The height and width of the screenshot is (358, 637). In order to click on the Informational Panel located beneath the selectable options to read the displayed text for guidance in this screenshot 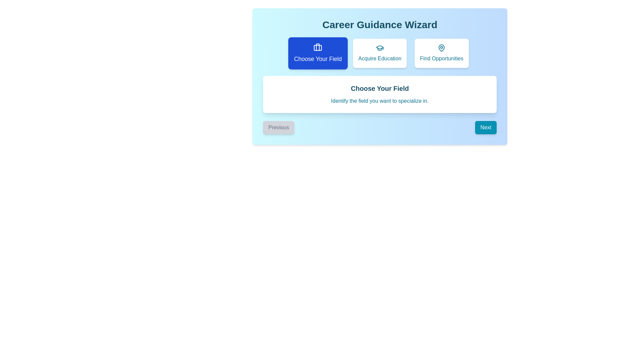, I will do `click(380, 94)`.